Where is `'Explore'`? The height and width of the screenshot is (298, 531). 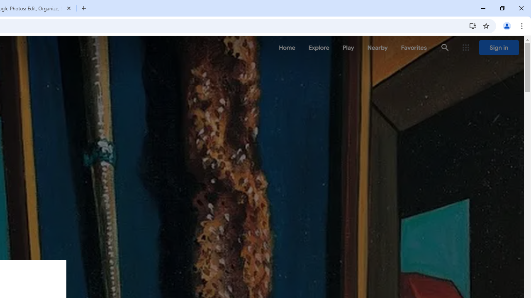 'Explore' is located at coordinates (318, 48).